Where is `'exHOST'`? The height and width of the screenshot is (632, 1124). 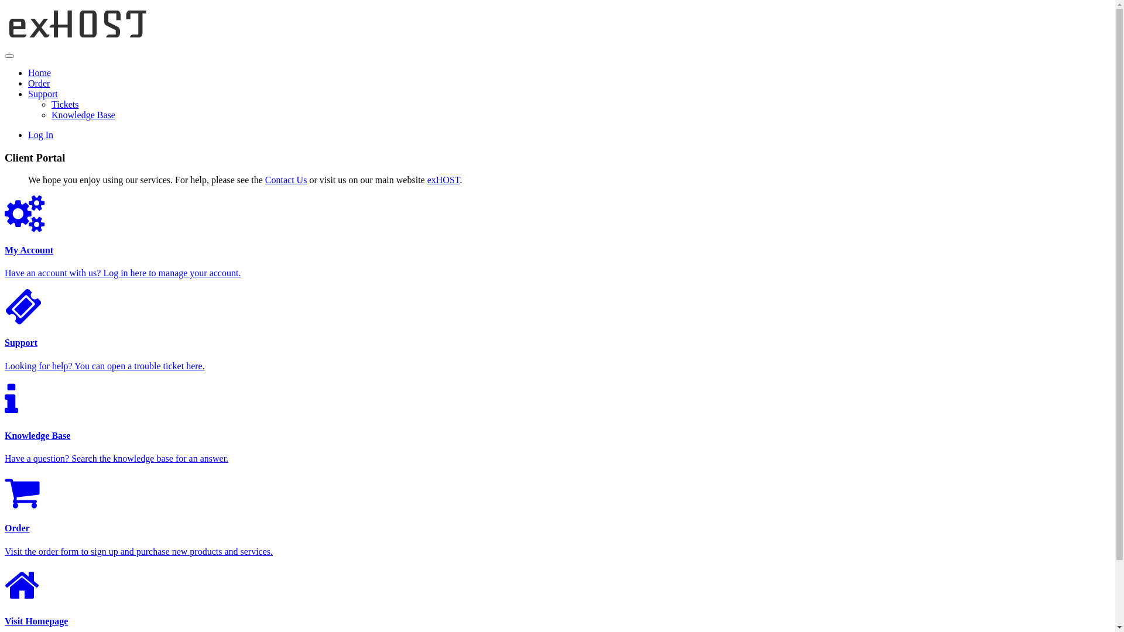 'exHOST' is located at coordinates (443, 180).